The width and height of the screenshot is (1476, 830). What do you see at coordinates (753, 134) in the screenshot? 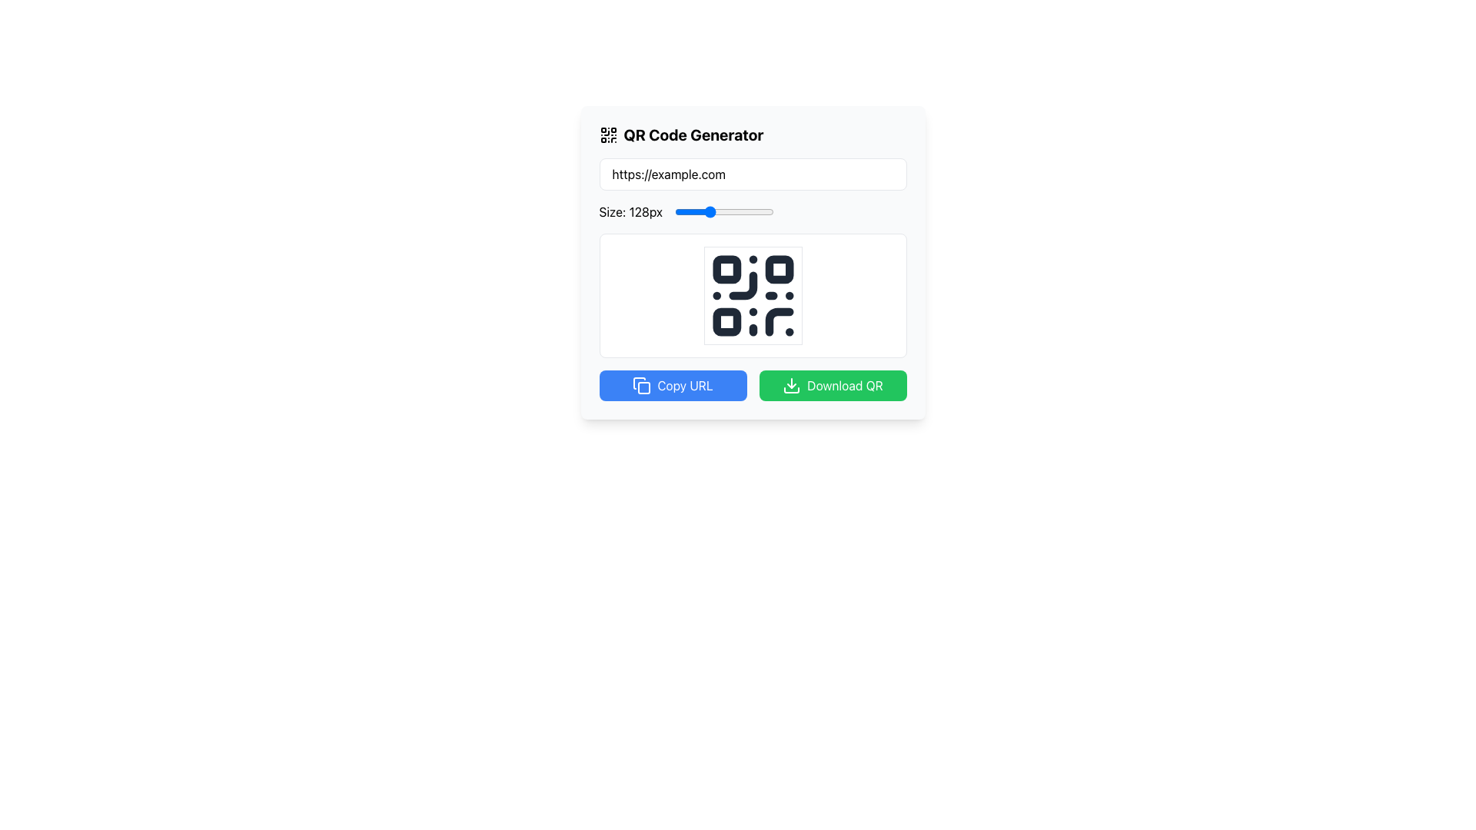
I see `the header row containing the QR code icon and the text 'QR Code Generator', which is the first row in the QR Code Generator form` at bounding box center [753, 134].